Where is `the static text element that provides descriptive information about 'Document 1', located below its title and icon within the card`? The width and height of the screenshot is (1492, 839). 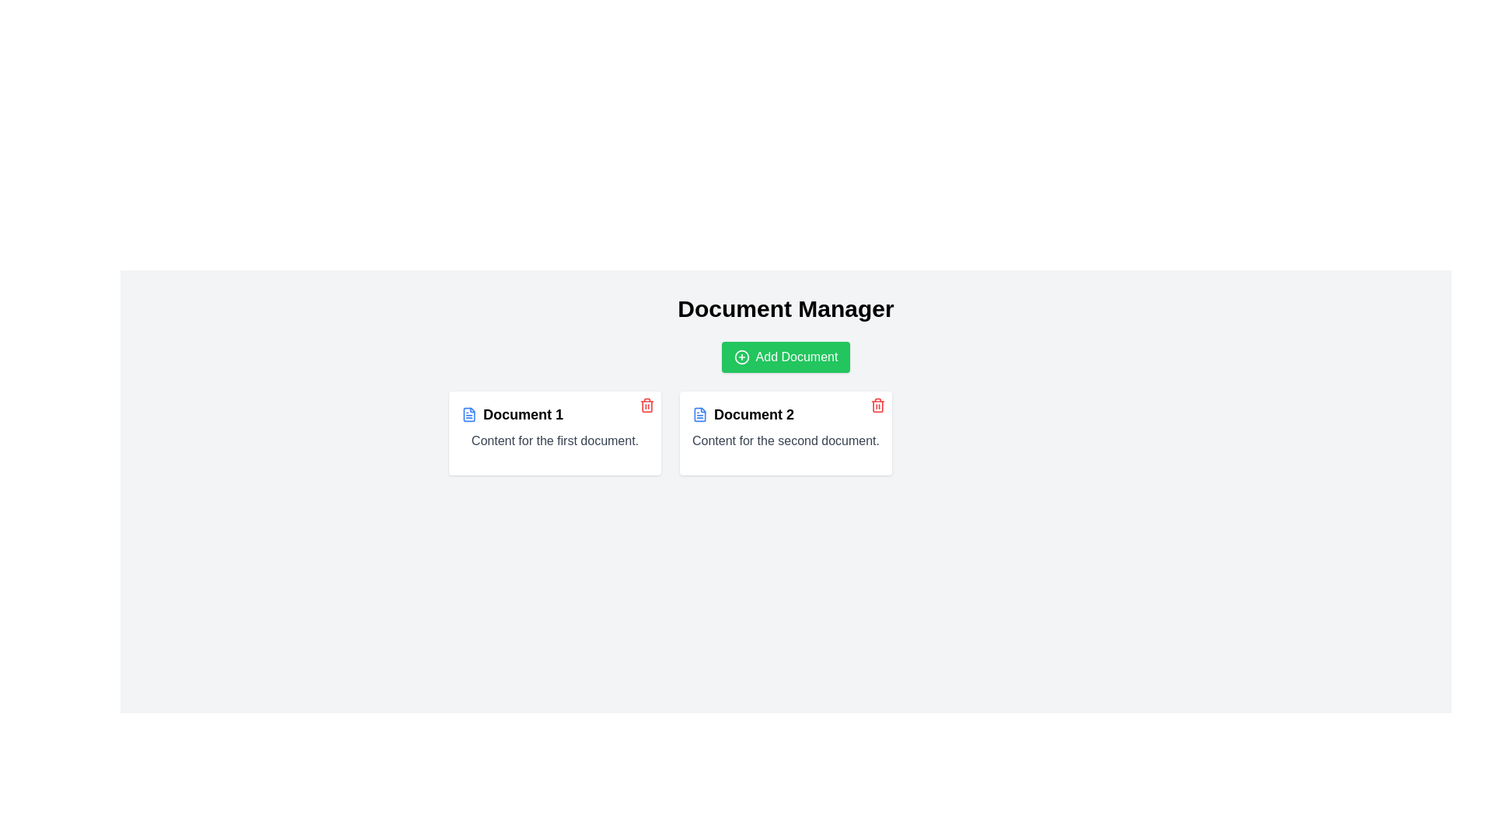
the static text element that provides descriptive information about 'Document 1', located below its title and icon within the card is located at coordinates (555, 440).